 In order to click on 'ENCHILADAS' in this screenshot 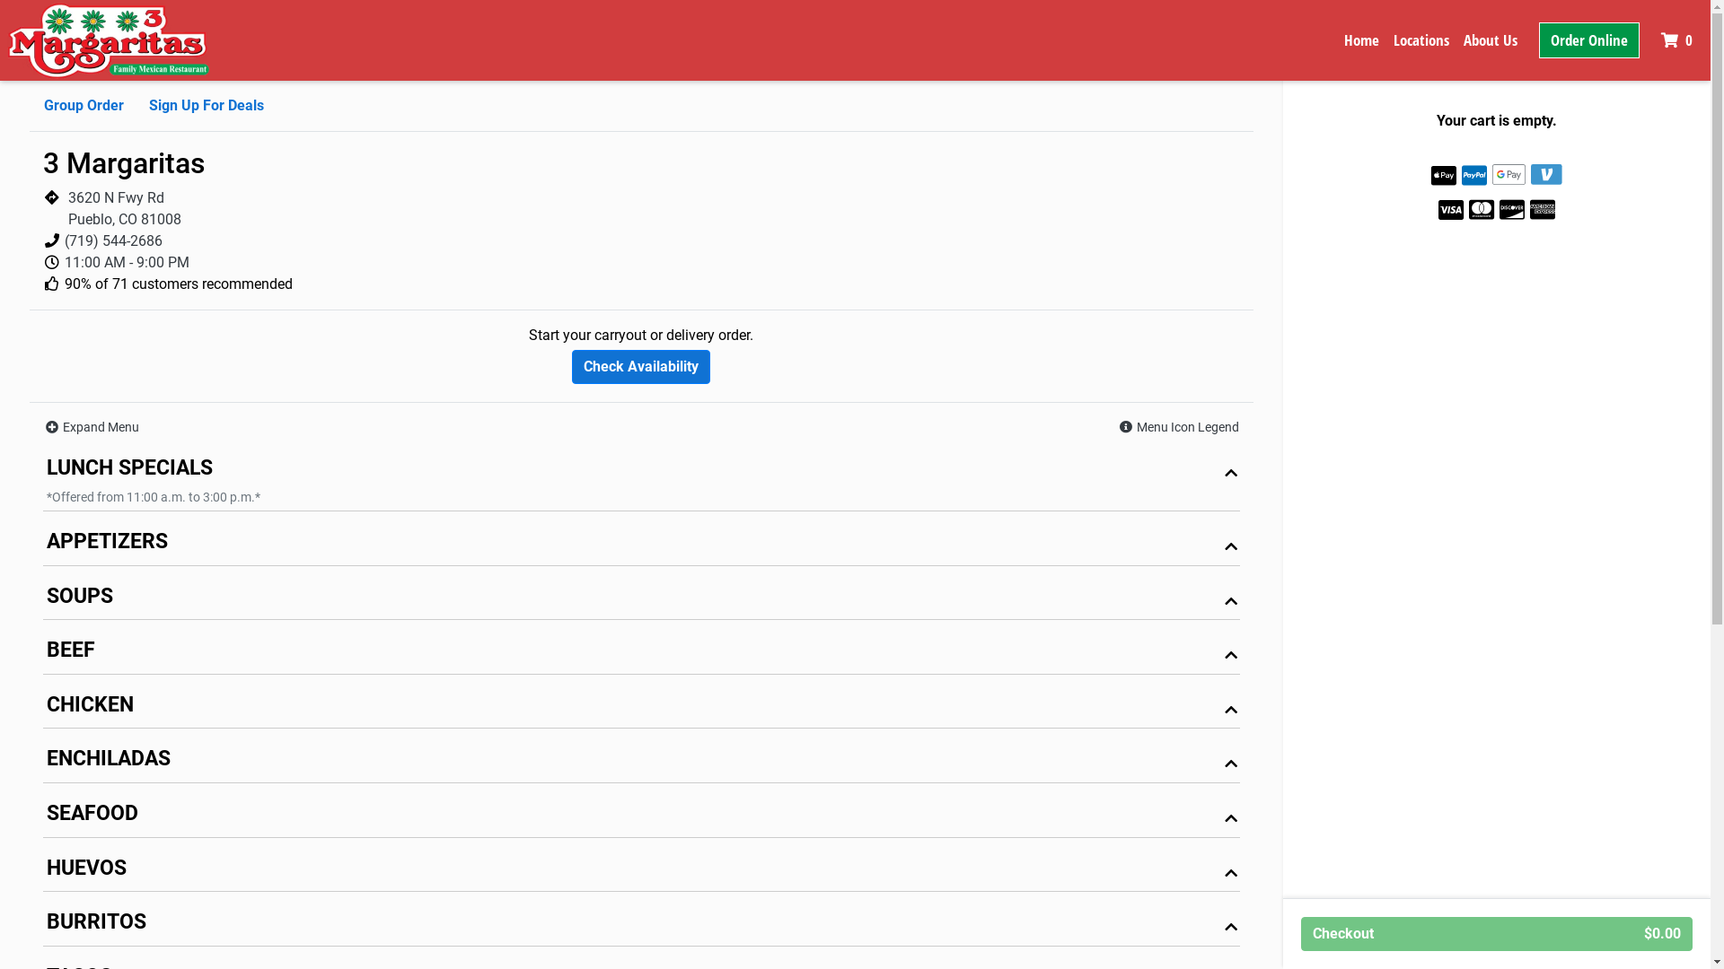, I will do `click(641, 763)`.